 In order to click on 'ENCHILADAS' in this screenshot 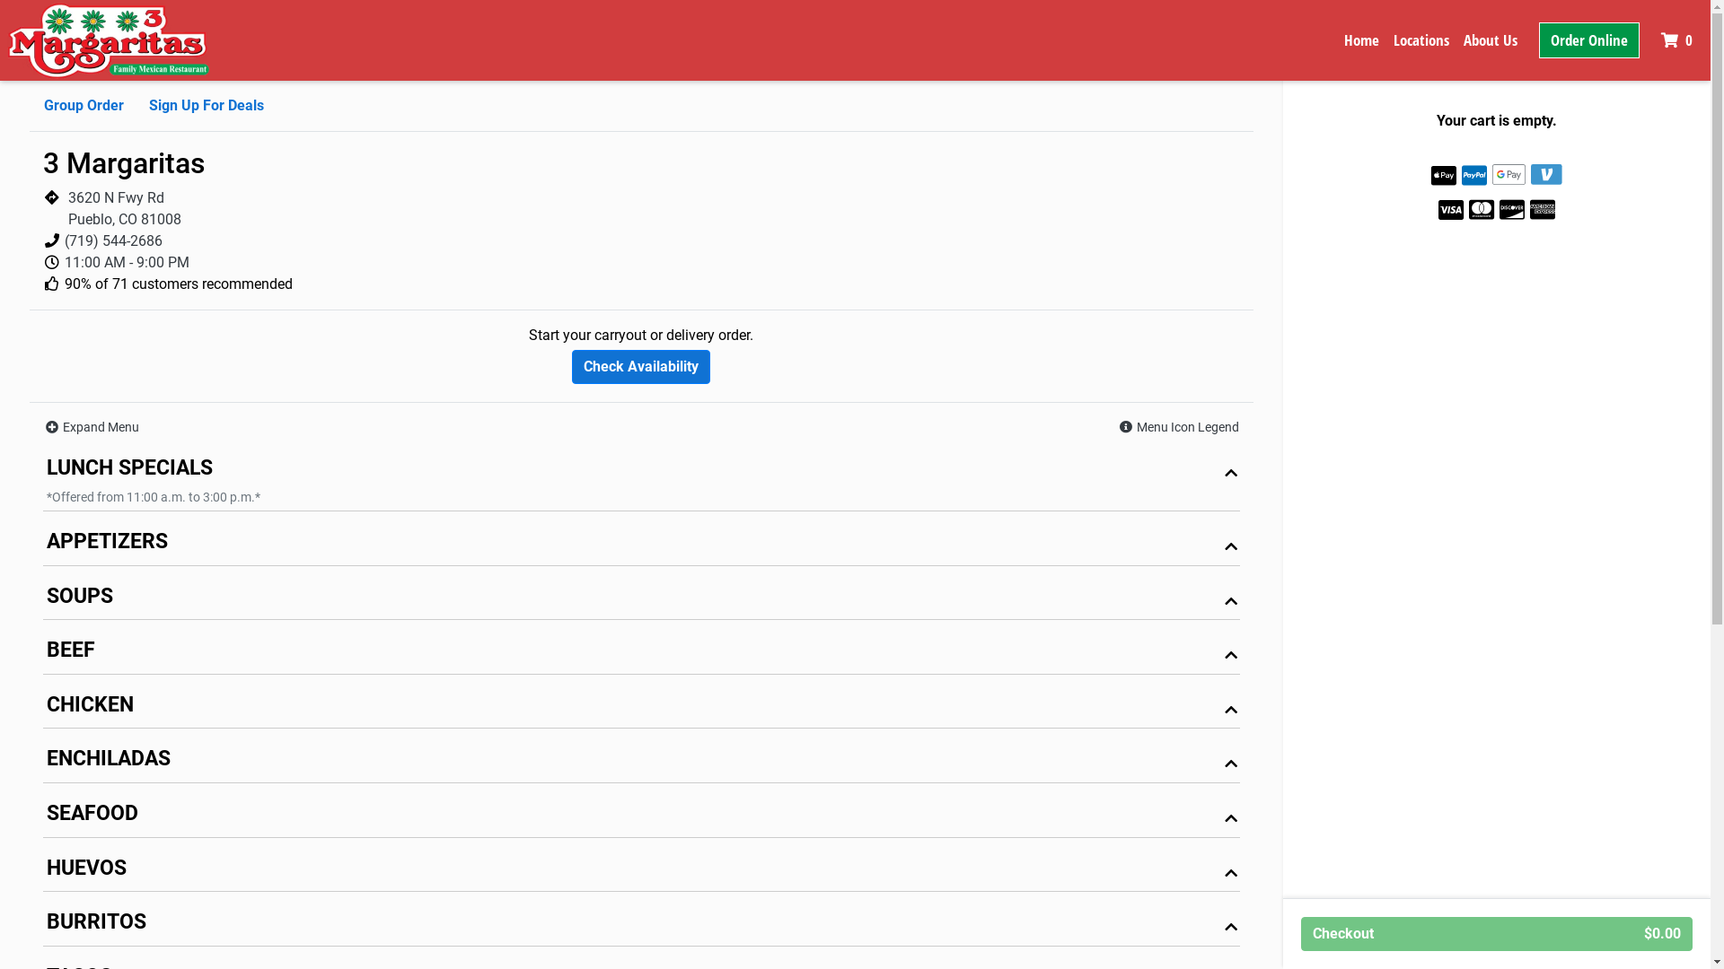, I will do `click(641, 763)`.